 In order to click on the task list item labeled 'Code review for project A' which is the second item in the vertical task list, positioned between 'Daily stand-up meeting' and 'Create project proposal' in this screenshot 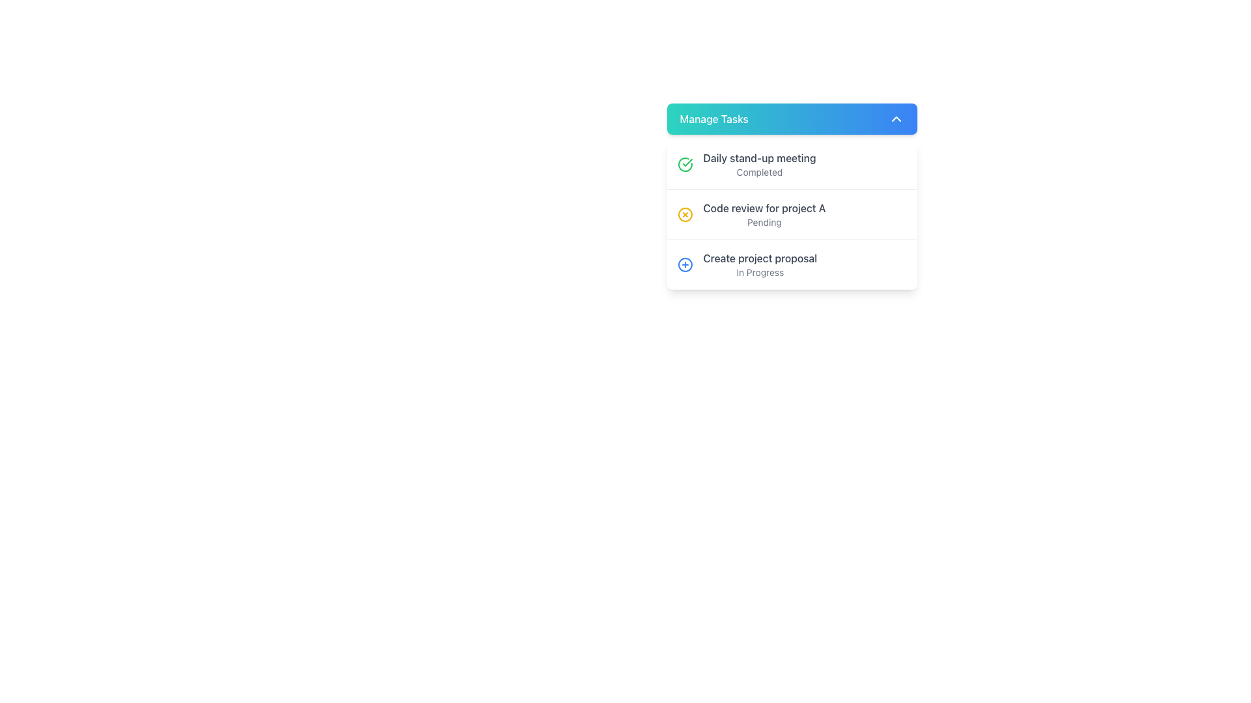, I will do `click(791, 214)`.